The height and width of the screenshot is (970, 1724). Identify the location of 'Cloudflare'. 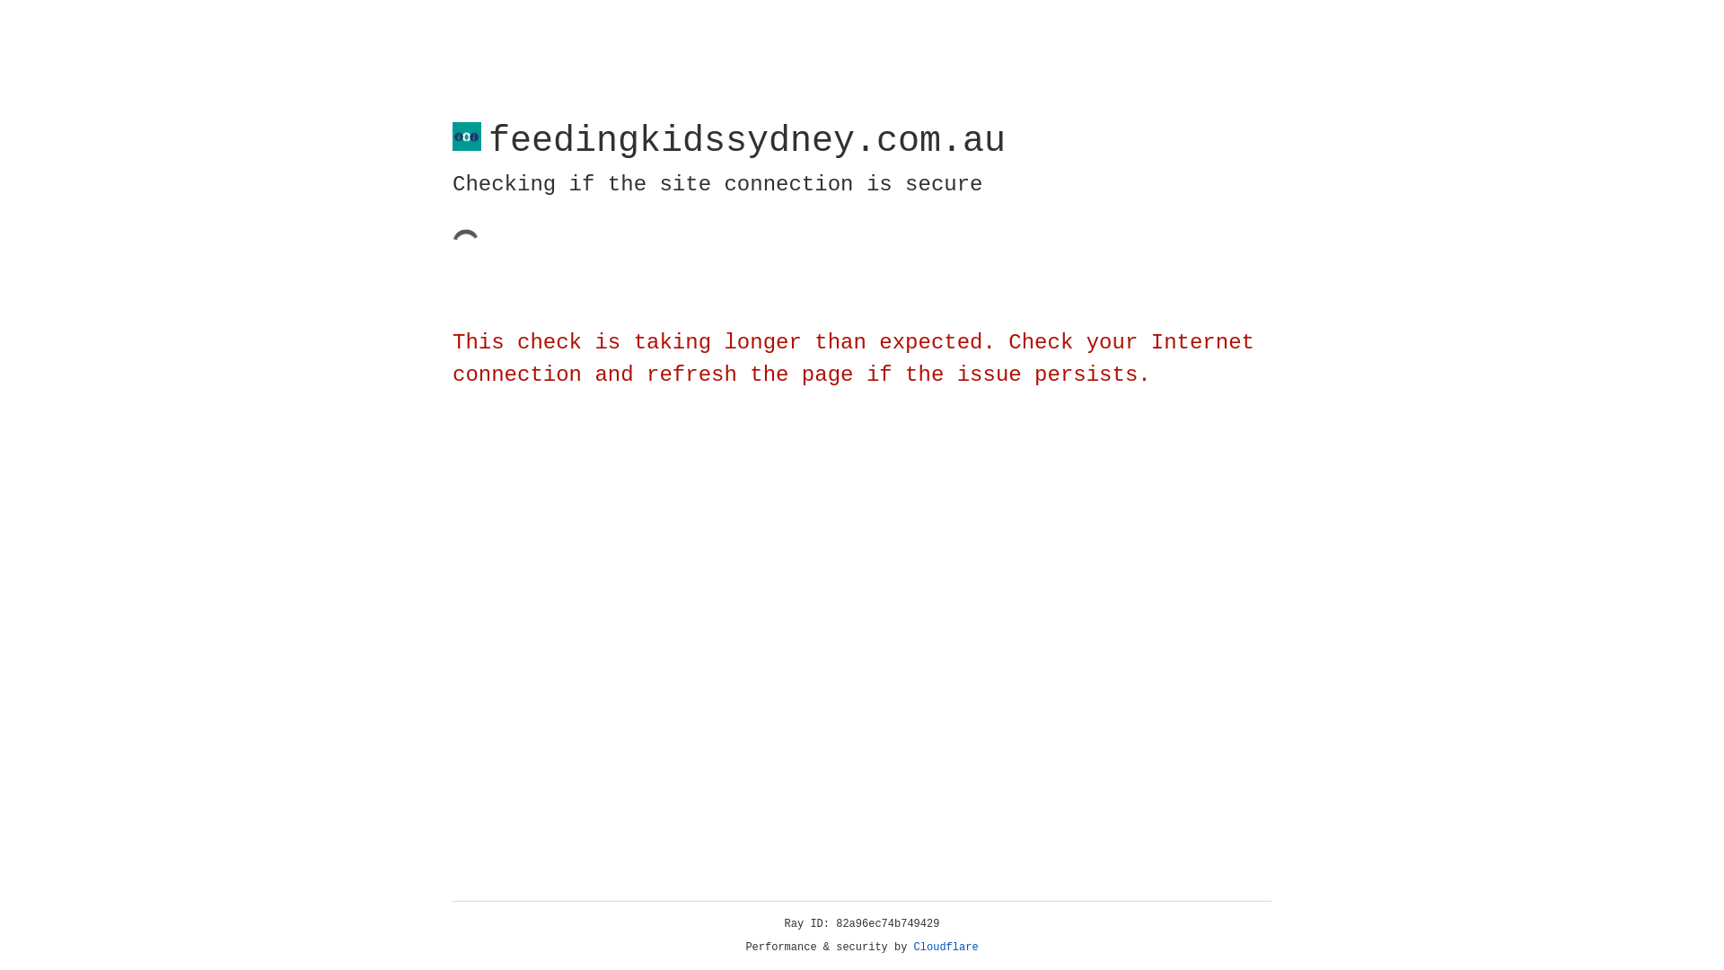
(946, 947).